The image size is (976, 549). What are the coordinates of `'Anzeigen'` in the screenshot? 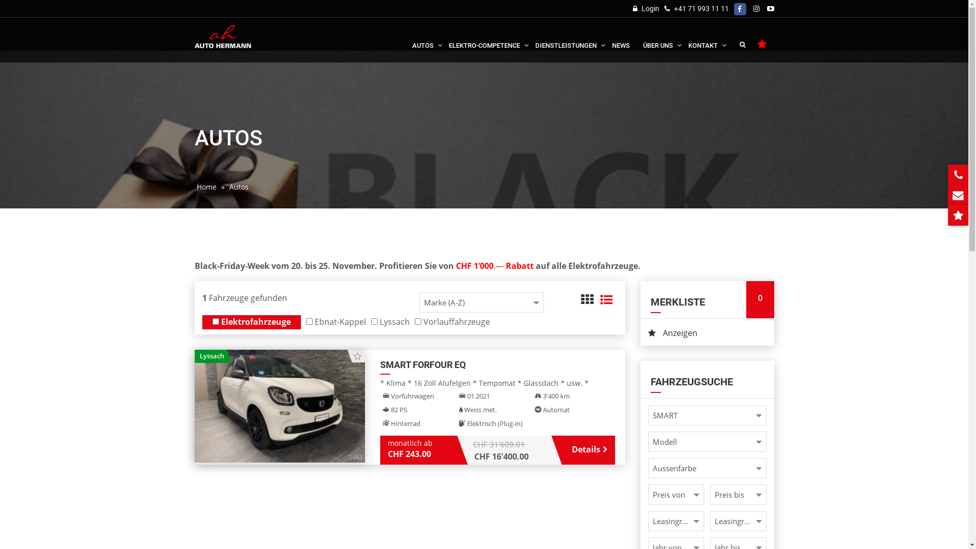 It's located at (707, 333).